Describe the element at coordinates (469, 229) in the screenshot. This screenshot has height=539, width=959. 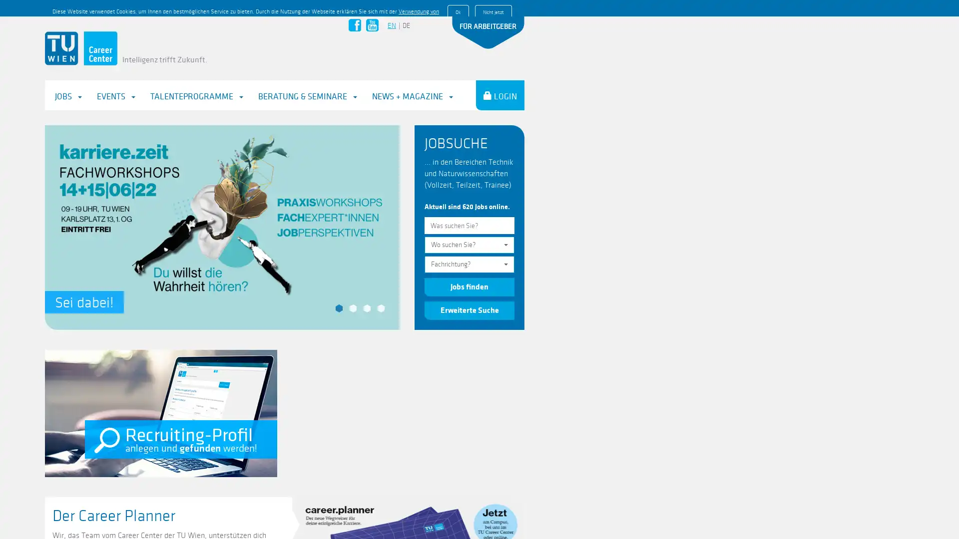
I see `Wo suchen Sie?` at that location.